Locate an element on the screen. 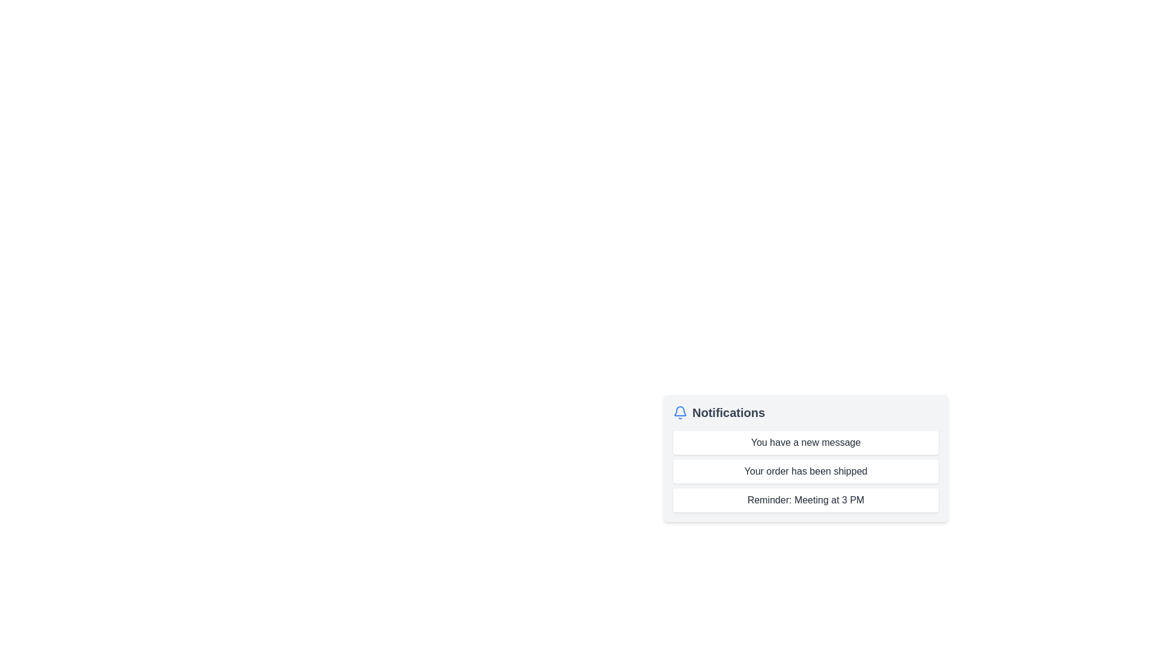 The height and width of the screenshot is (648, 1153). the decorative notification icon located to the left of the 'Notifications' text in the top-center area of the notification panel is located at coordinates (680, 412).